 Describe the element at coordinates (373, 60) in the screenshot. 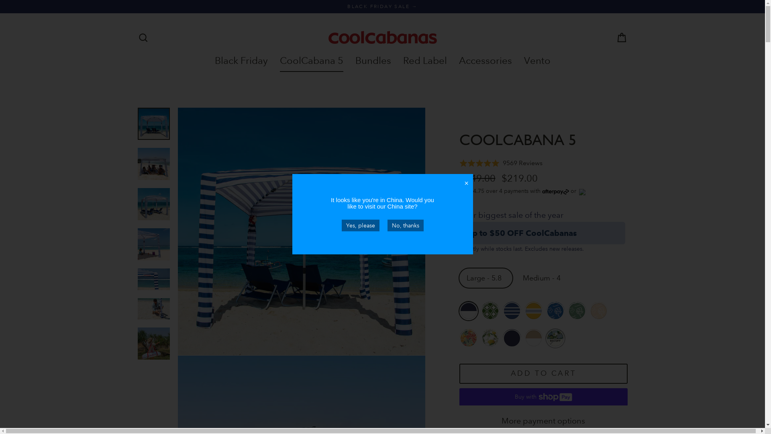

I see `'Bundles'` at that location.